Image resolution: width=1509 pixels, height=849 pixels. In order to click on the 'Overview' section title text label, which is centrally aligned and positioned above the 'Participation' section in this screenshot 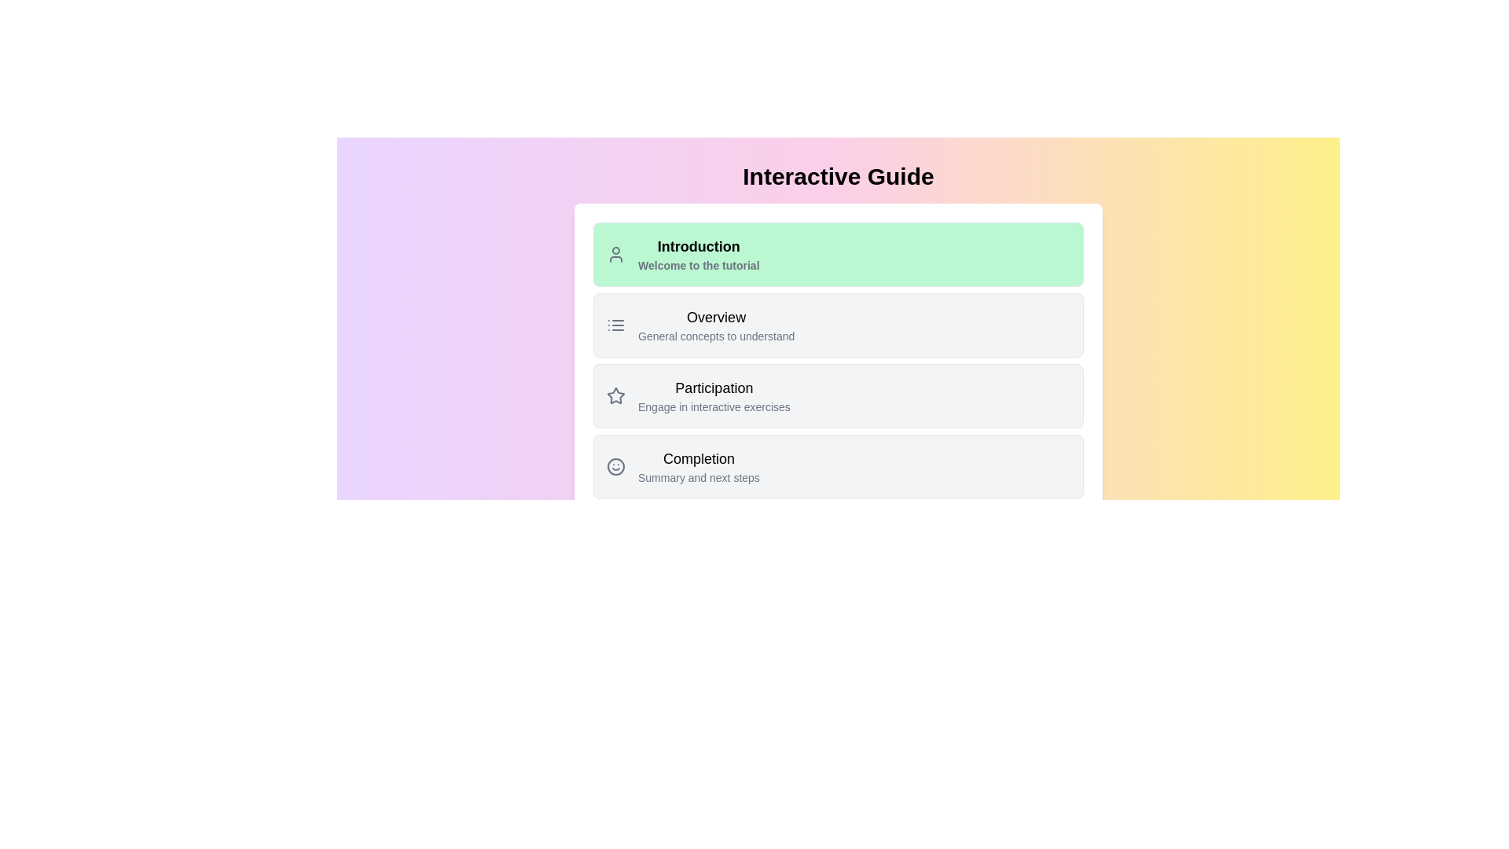, I will do `click(715, 318)`.